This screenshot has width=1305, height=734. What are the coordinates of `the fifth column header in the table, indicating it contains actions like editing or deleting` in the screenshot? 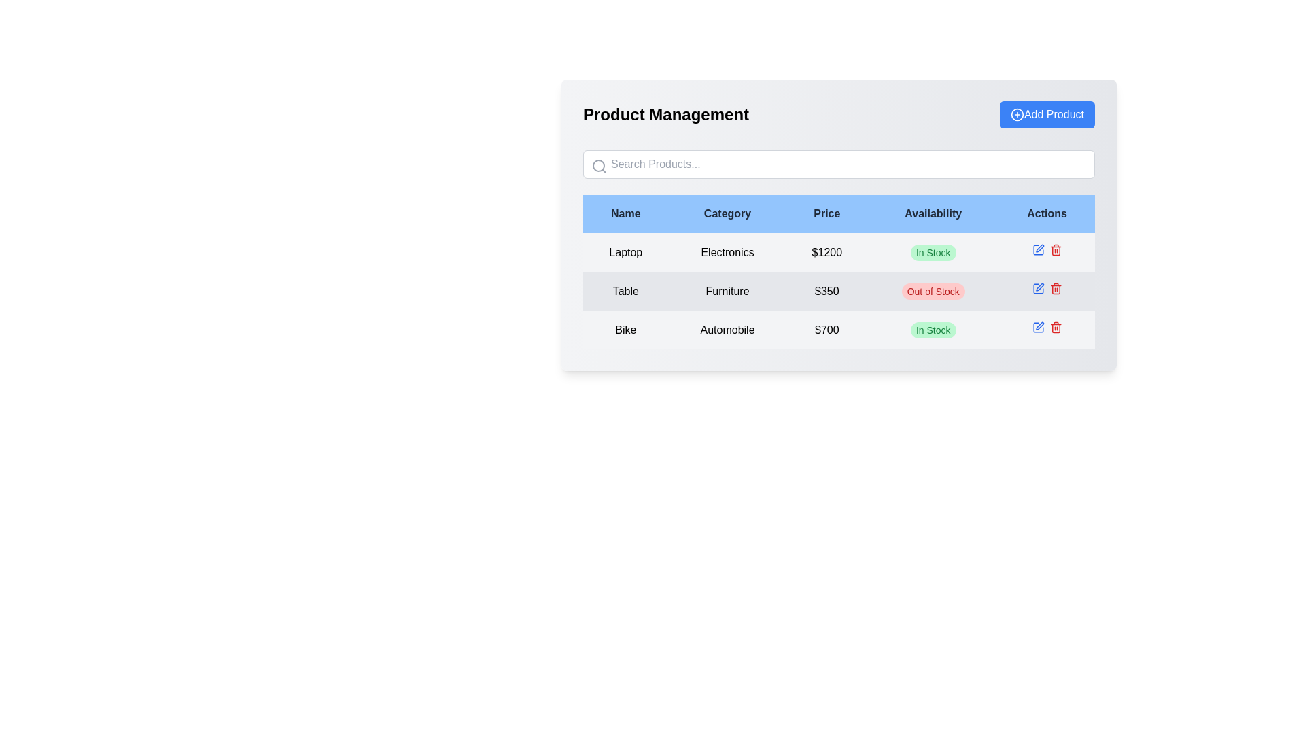 It's located at (1046, 214).